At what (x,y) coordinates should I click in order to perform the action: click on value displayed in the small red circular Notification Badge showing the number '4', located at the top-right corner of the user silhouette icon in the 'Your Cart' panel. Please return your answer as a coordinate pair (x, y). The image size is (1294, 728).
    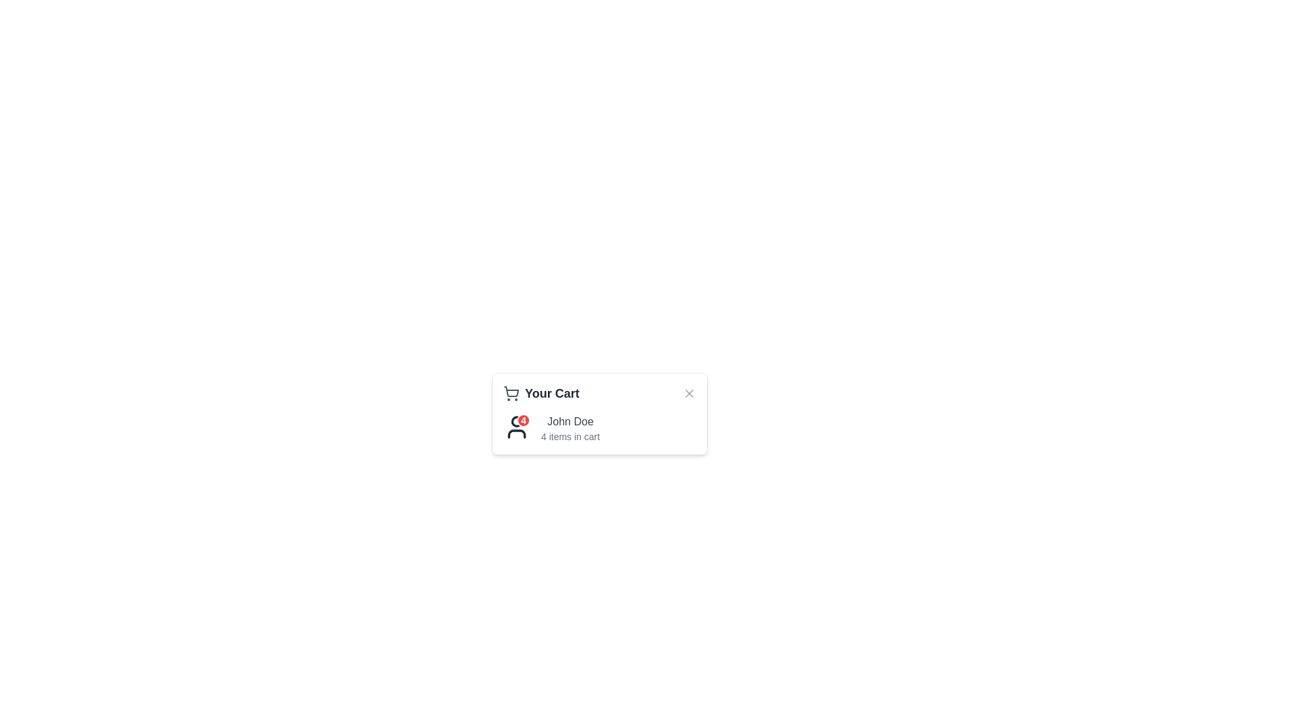
    Looking at the image, I should click on (516, 427).